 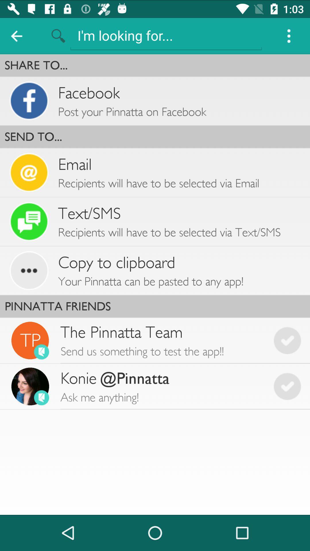 What do you see at coordinates (289, 36) in the screenshot?
I see `item above the share to...` at bounding box center [289, 36].